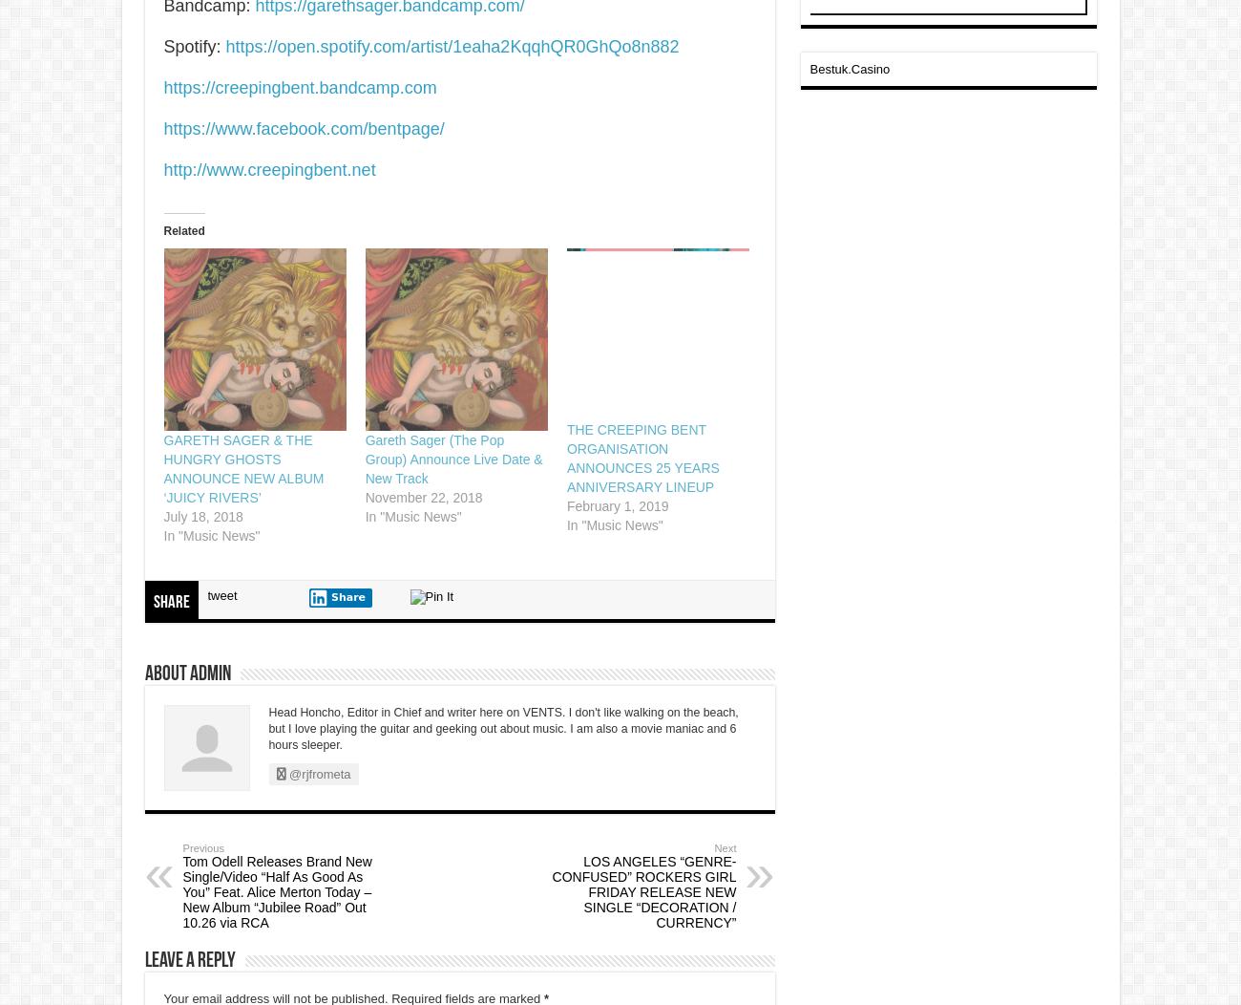 Image resolution: width=1241 pixels, height=1005 pixels. I want to click on 'Head Honcho, Editor in Chief and writer here on VENTS. I don't like walking on the beach, but I love playing the guitar and geeking out about music. I am also a movie maniac and 6 hours sleeper.', so click(503, 728).